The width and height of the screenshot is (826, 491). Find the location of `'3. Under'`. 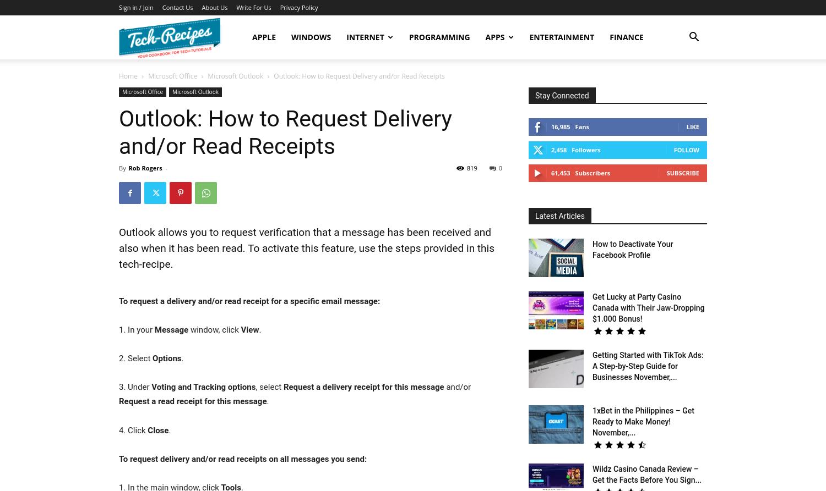

'3. Under' is located at coordinates (118, 387).